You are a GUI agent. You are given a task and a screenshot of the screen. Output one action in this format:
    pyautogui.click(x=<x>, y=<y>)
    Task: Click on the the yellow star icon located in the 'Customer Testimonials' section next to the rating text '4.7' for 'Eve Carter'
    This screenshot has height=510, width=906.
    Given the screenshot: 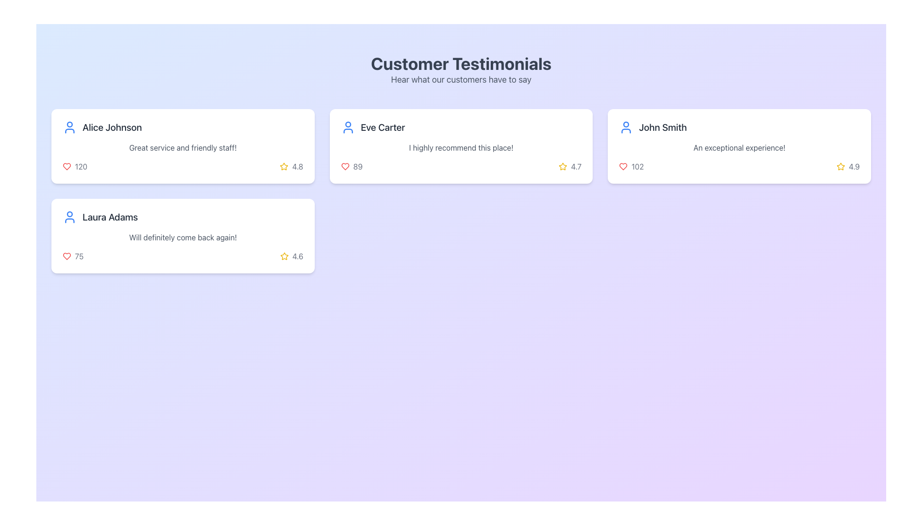 What is the action you would take?
    pyautogui.click(x=563, y=166)
    